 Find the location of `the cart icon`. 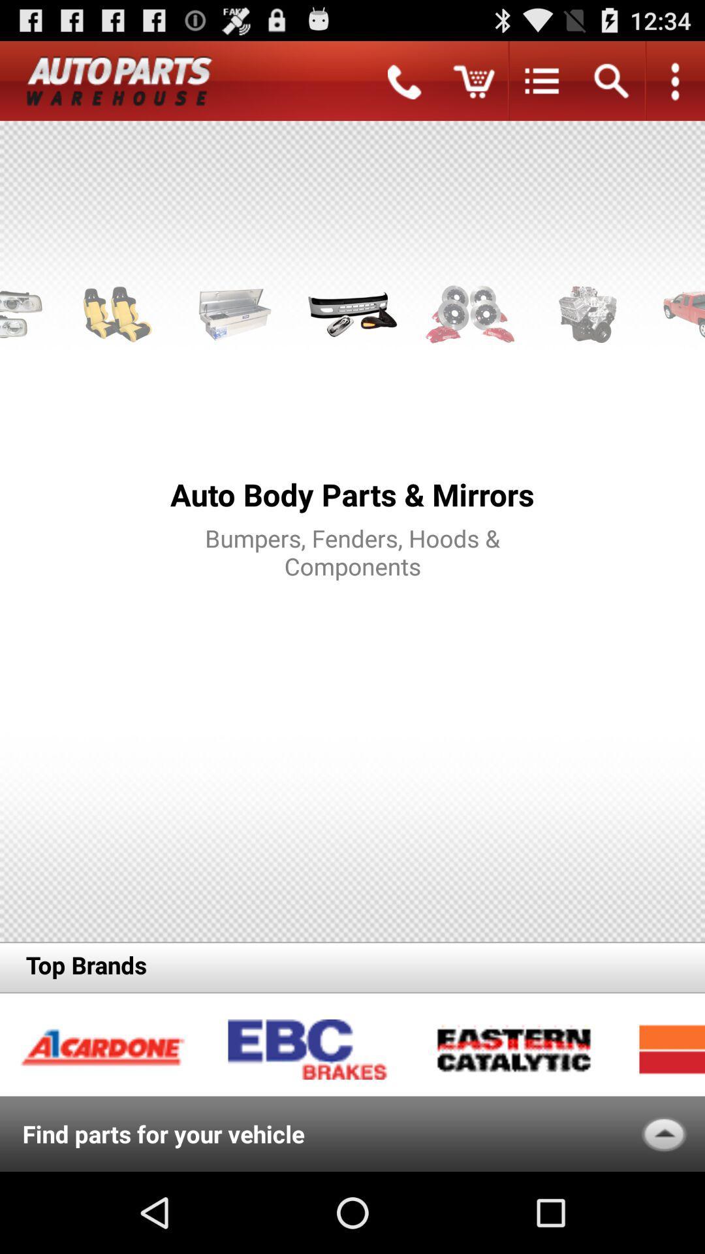

the cart icon is located at coordinates (473, 86).